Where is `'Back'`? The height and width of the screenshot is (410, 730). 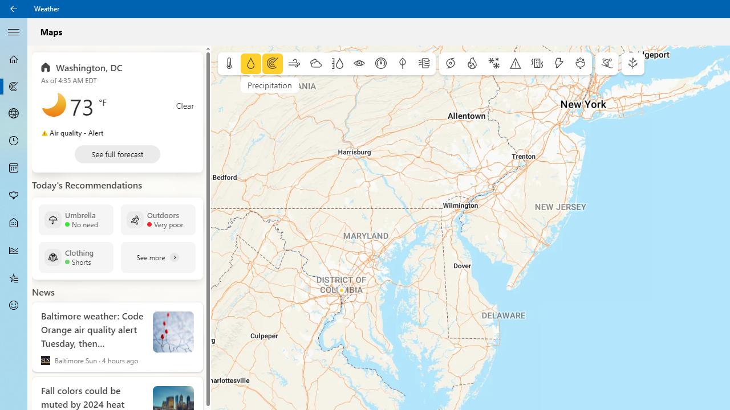
'Back' is located at coordinates (14, 9).